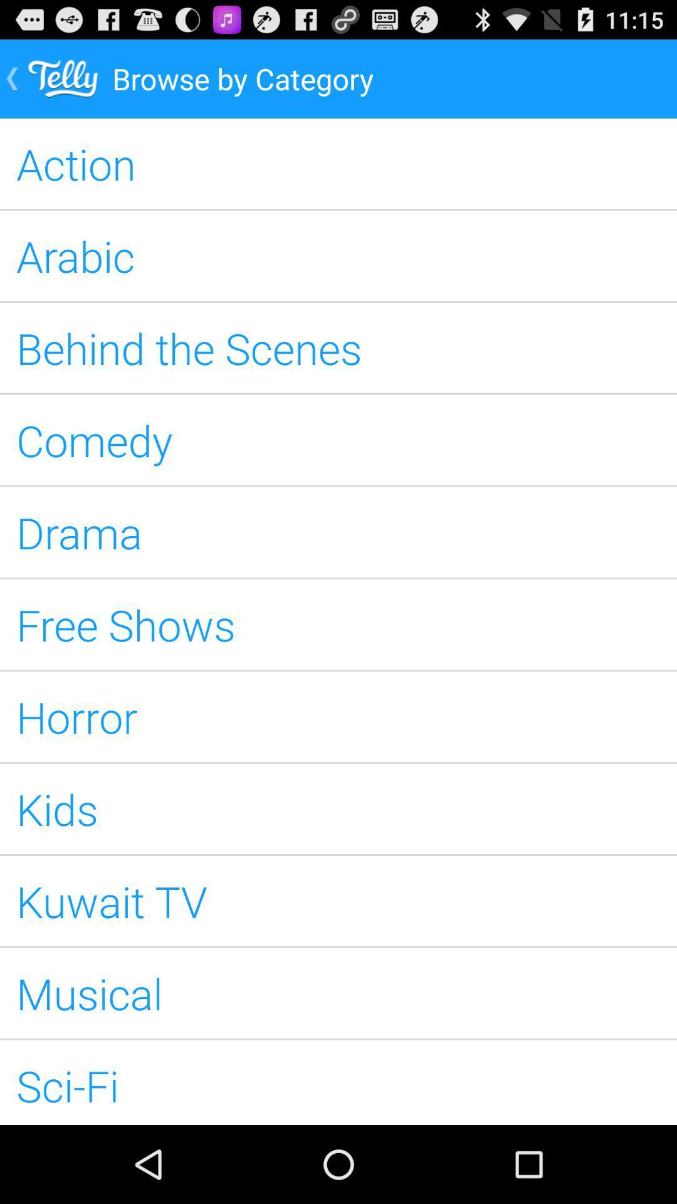 The width and height of the screenshot is (677, 1204). I want to click on icon below musical app, so click(338, 1082).